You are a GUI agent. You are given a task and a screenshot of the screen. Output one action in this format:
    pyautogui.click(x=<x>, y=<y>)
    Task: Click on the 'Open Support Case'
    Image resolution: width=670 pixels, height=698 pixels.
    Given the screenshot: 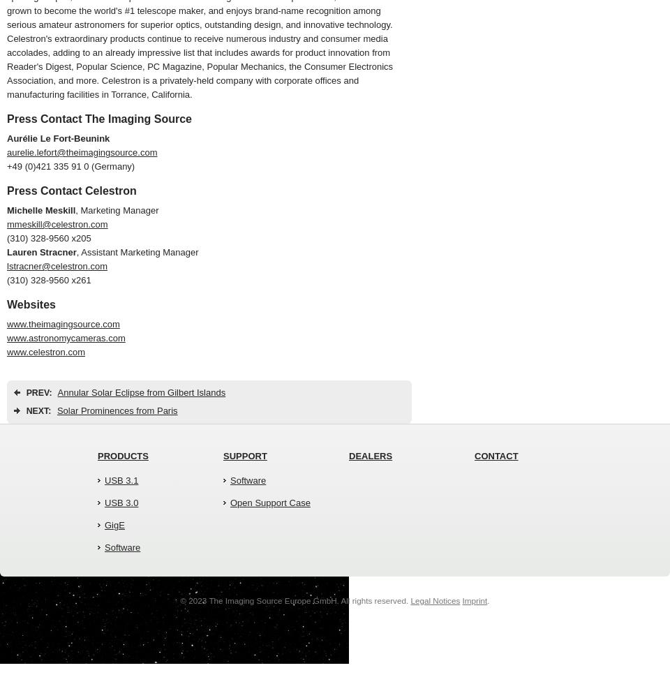 What is the action you would take?
    pyautogui.click(x=269, y=502)
    